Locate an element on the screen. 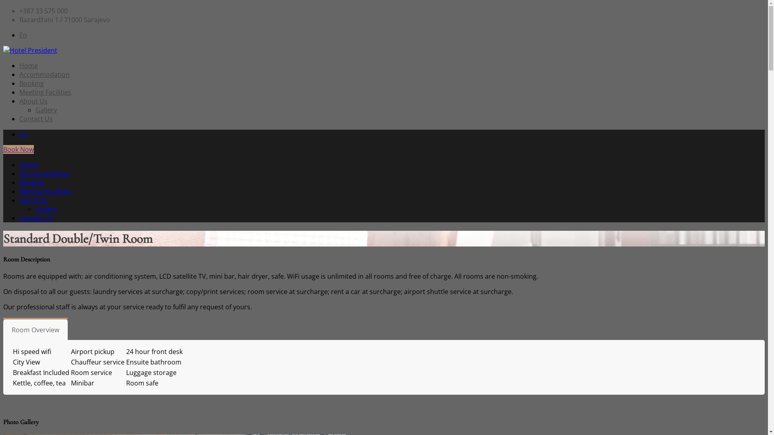  'Accommodation' is located at coordinates (44, 173).